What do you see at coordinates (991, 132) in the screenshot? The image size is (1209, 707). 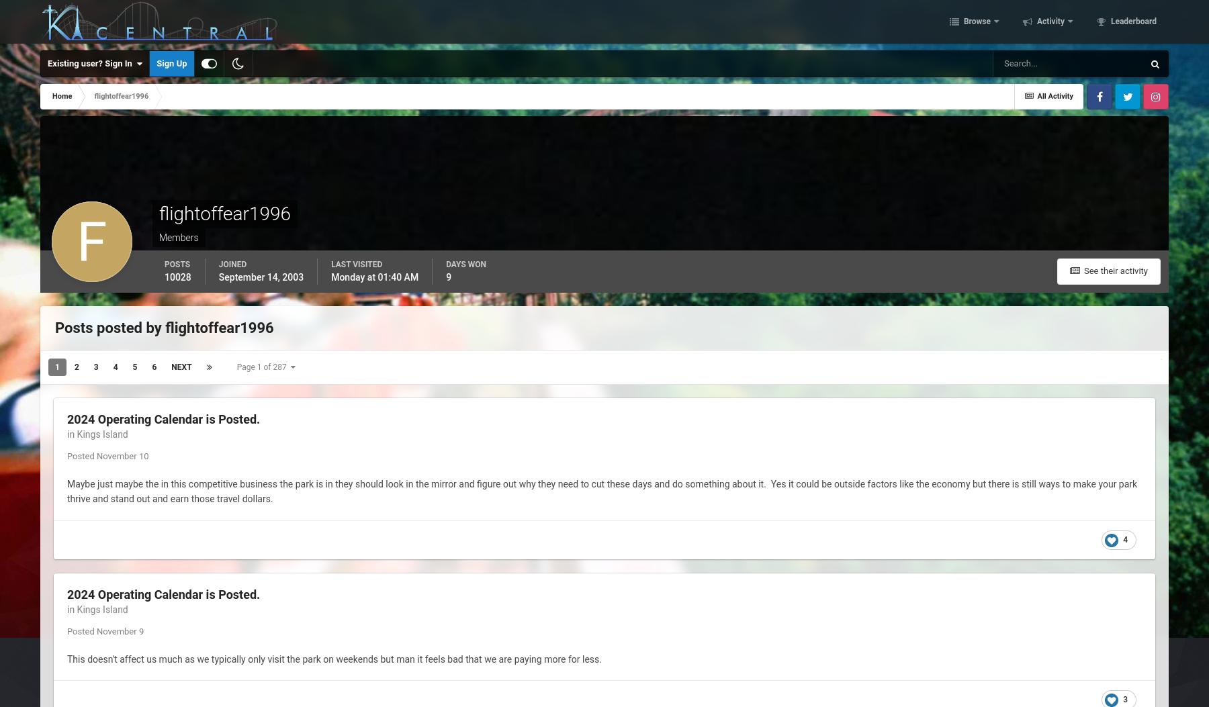 I see `'Online Users'` at bounding box center [991, 132].